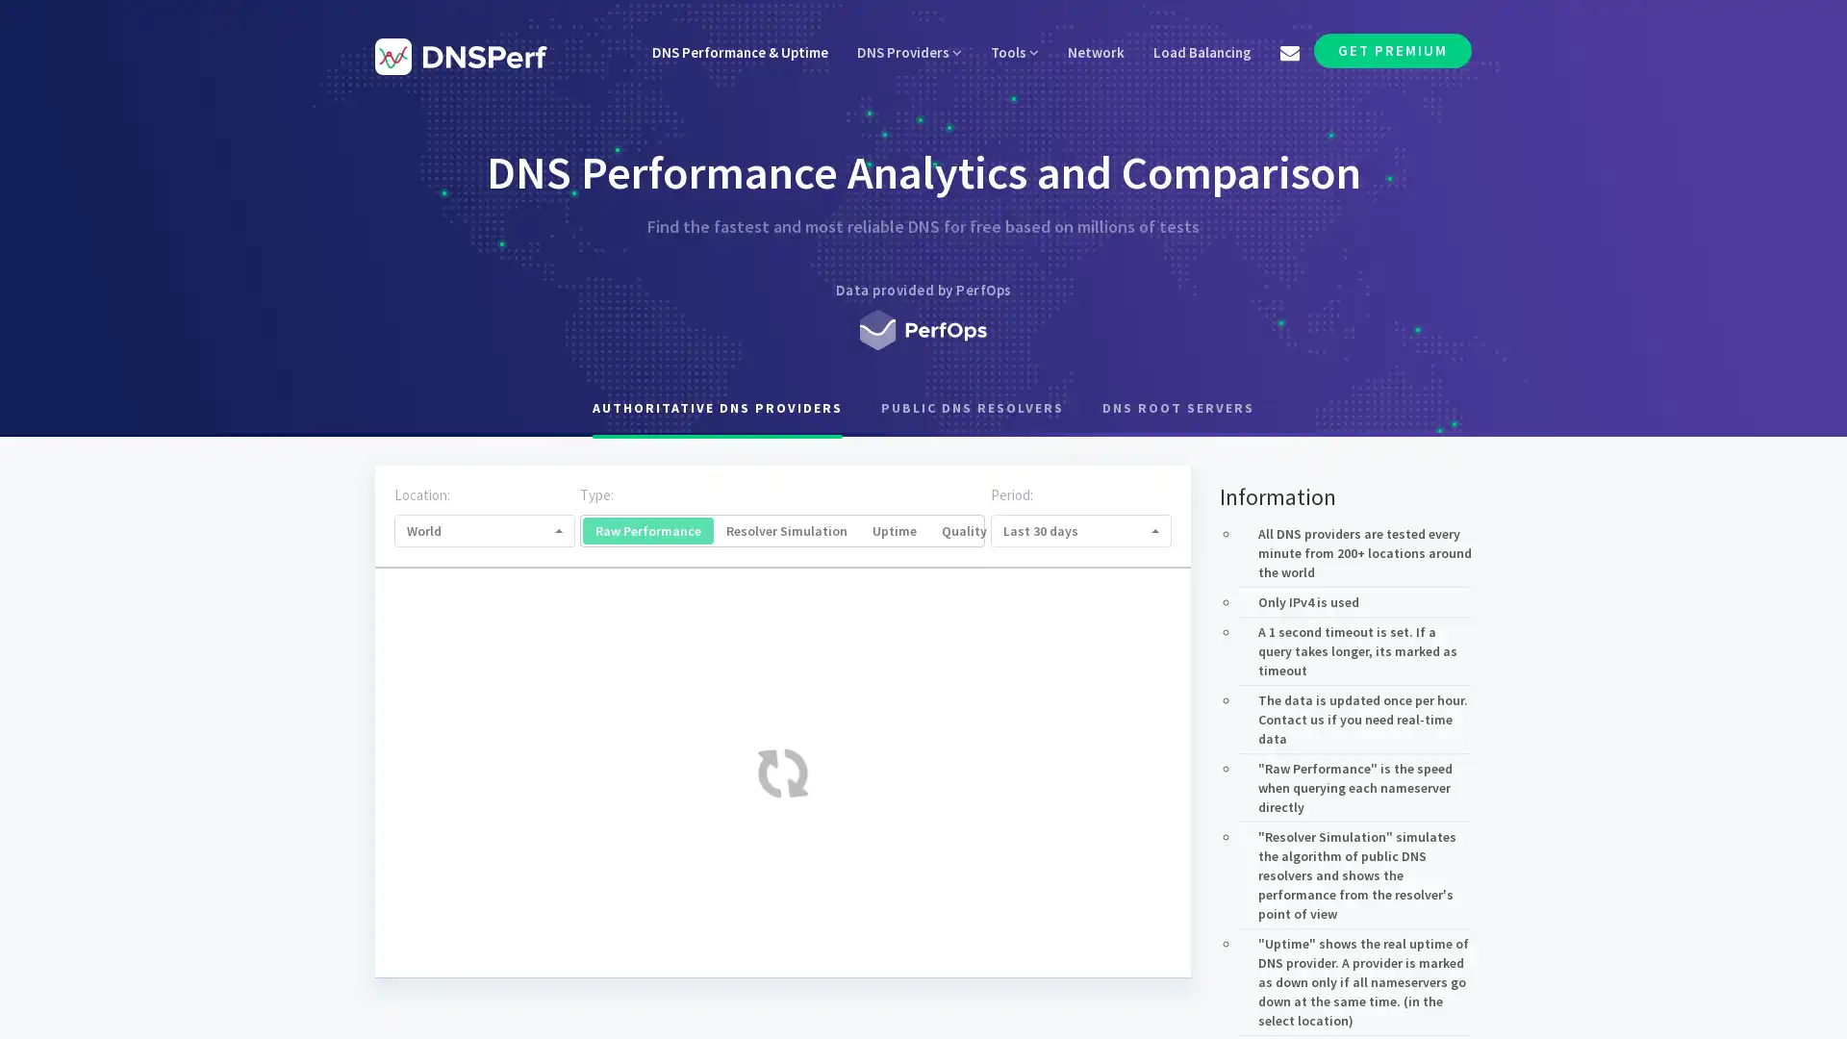 The image size is (1847, 1039). Describe the element at coordinates (894, 530) in the screenshot. I see `Uptime` at that location.